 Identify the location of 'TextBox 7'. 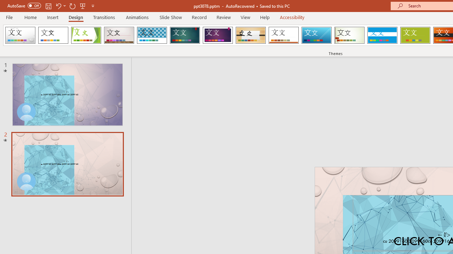
(444, 235).